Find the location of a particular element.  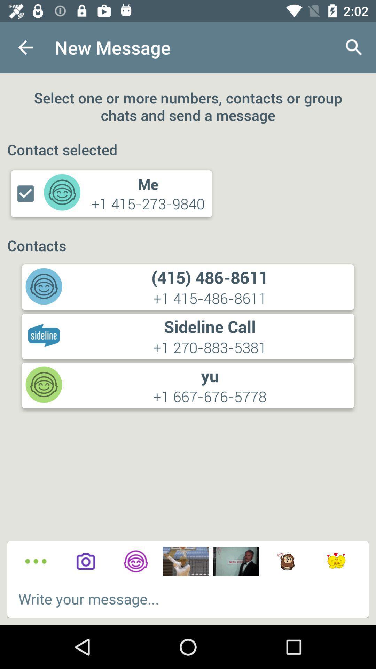

the app next to new message icon is located at coordinates (25, 47).